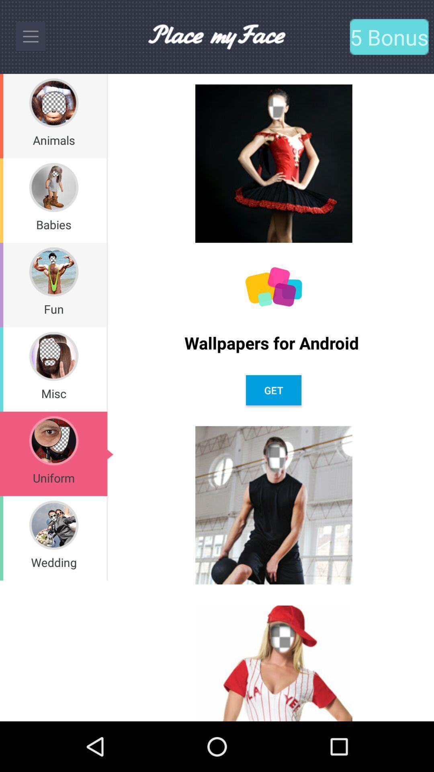  What do you see at coordinates (273, 343) in the screenshot?
I see `the button above get` at bounding box center [273, 343].